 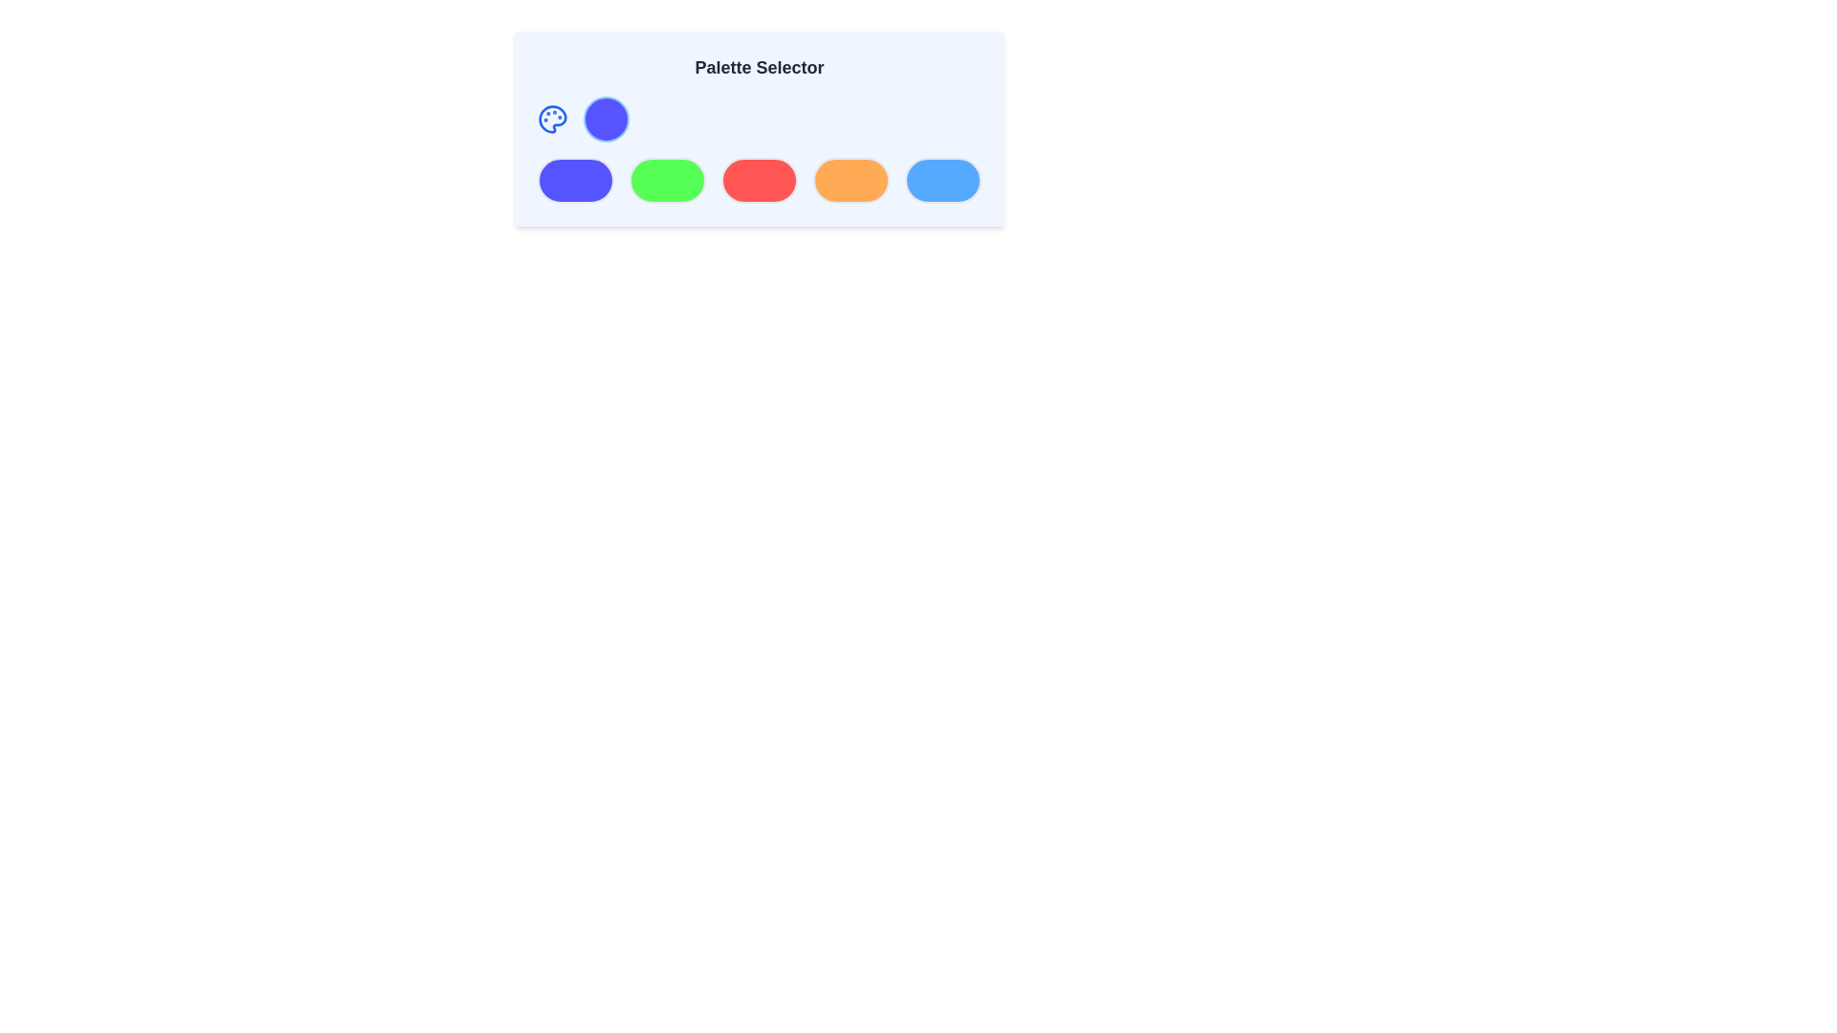 What do you see at coordinates (758, 181) in the screenshot?
I see `the circular red button, which is the third button in a horizontal row of five within the palette selector` at bounding box center [758, 181].